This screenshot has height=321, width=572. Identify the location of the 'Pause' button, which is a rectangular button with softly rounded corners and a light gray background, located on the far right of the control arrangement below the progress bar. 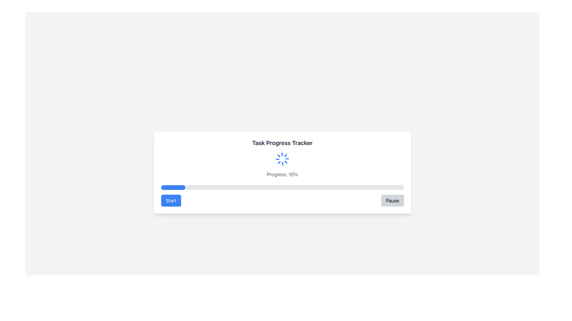
(392, 201).